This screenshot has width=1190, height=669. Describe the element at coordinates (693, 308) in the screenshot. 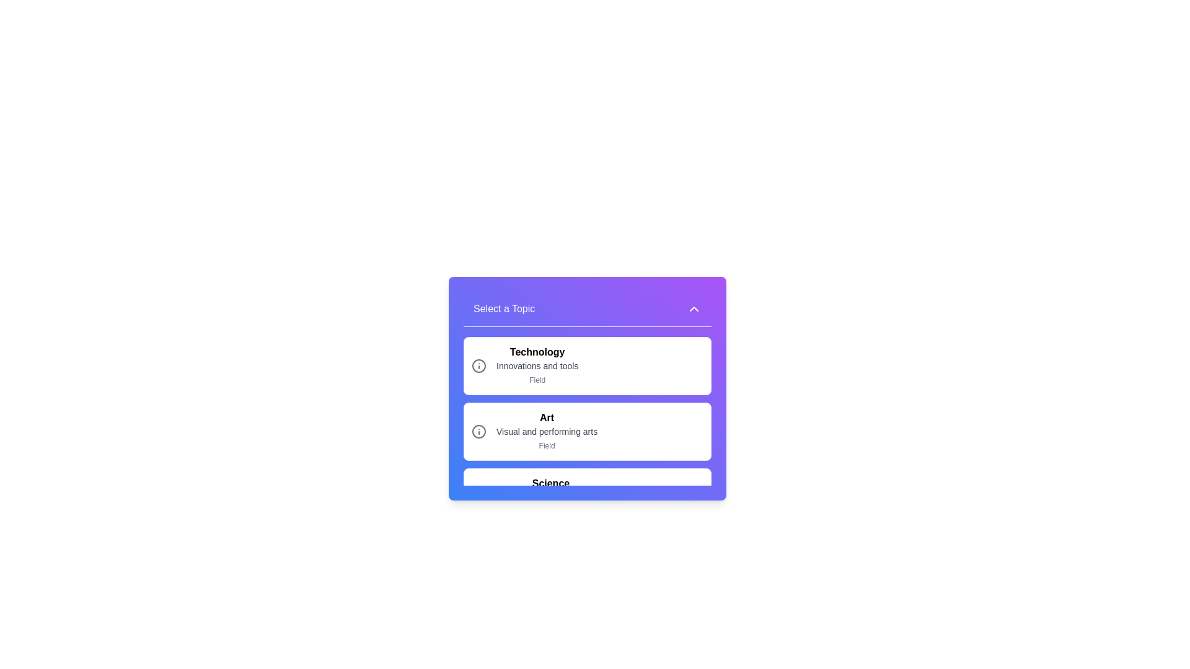

I see `the Dropdown toggle icon, which is a small downward-pointing chevron arrow located at the rightmost side of the 'Select a Topic' heading bar` at that location.